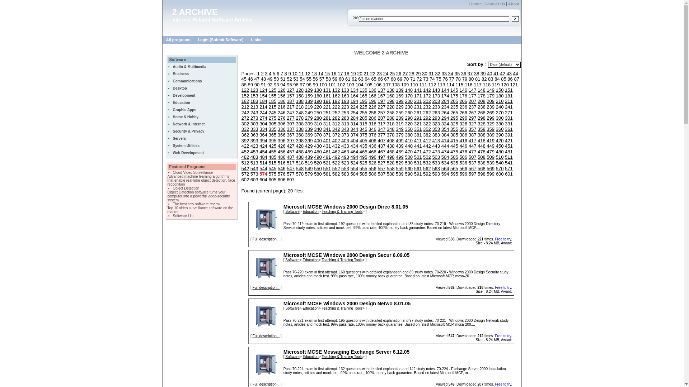 This screenshot has height=387, width=689. Describe the element at coordinates (345, 90) in the screenshot. I see `'133'` at that location.